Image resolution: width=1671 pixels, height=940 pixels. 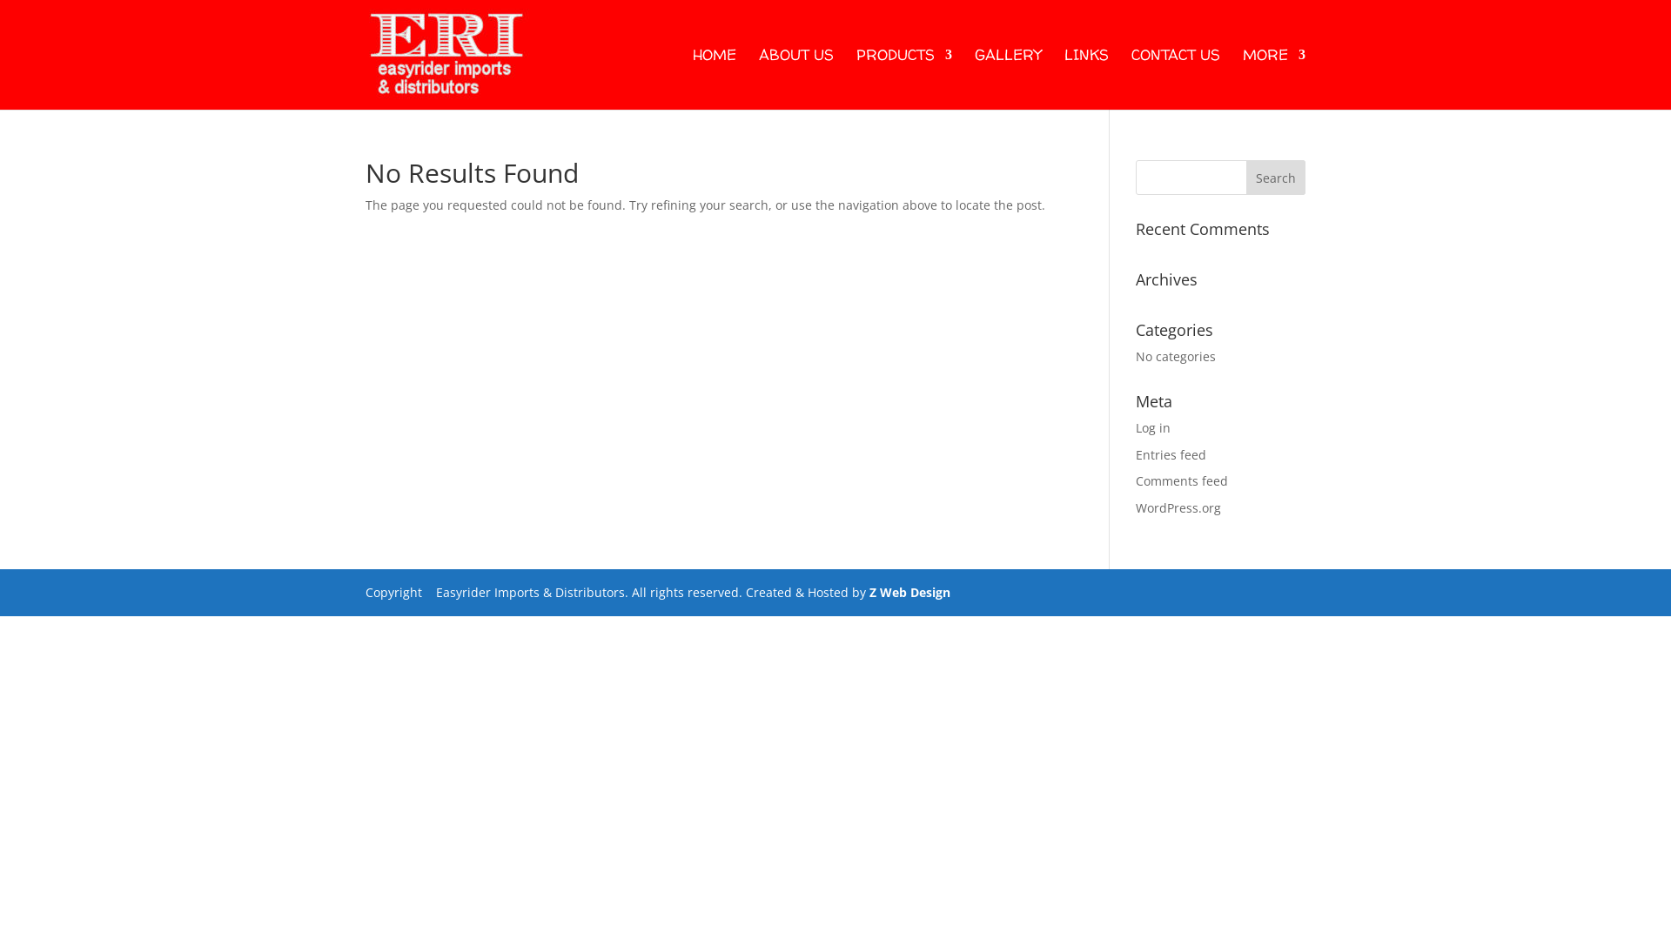 What do you see at coordinates (1275, 178) in the screenshot?
I see `'Search'` at bounding box center [1275, 178].